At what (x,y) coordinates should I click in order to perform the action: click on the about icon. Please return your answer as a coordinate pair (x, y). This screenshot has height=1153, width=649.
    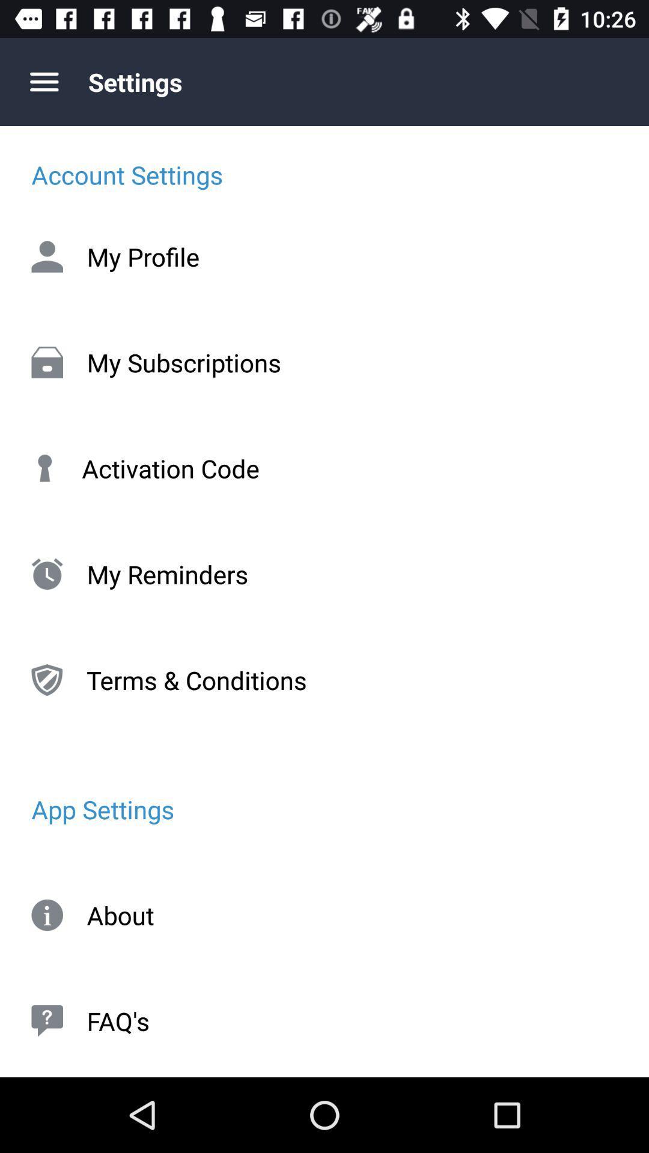
    Looking at the image, I should click on (324, 915).